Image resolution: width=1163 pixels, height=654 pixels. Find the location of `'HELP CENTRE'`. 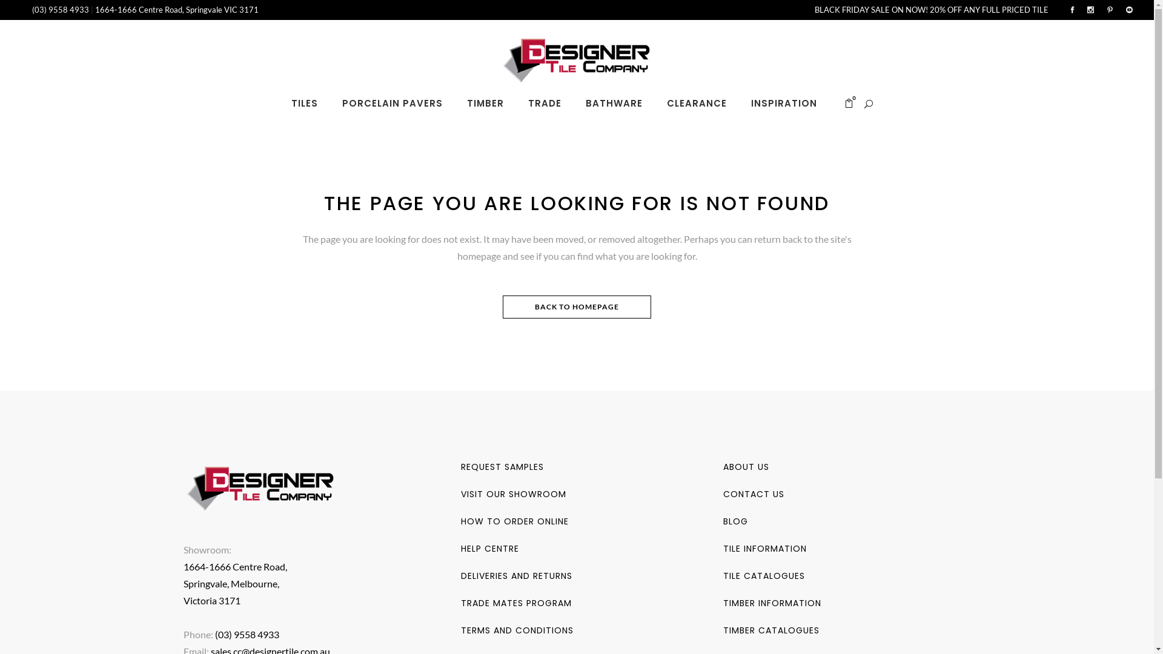

'HELP CENTRE' is located at coordinates (490, 549).